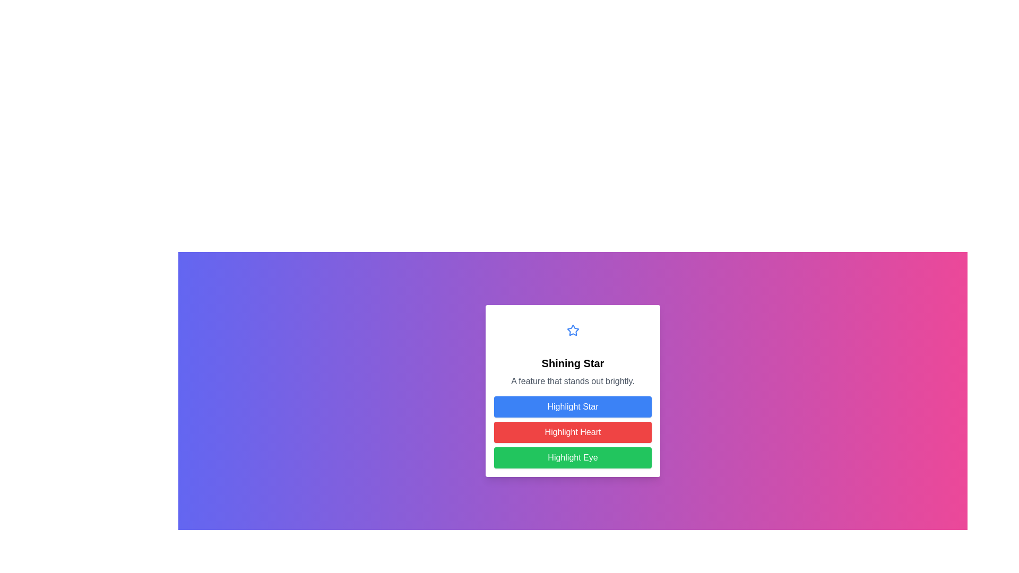  What do you see at coordinates (572, 329) in the screenshot?
I see `the 'Shining Star' icon located above the title text to associate it with the context of the title` at bounding box center [572, 329].